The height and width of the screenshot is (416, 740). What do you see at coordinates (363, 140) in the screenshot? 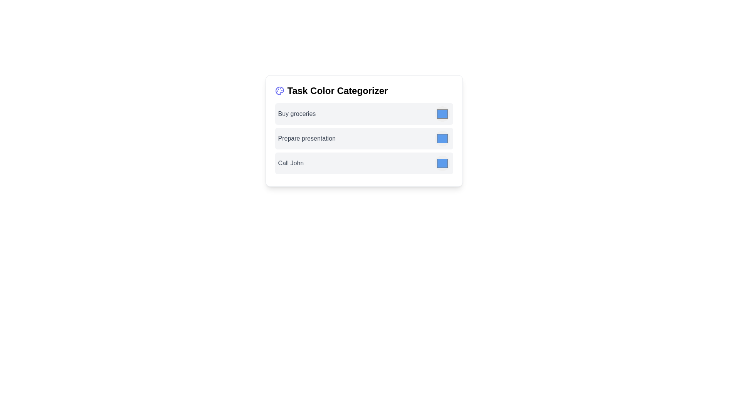
I see `the 'Prepare presentation' list item, which is the second item in the 'Task Color Categorizer' card` at bounding box center [363, 140].